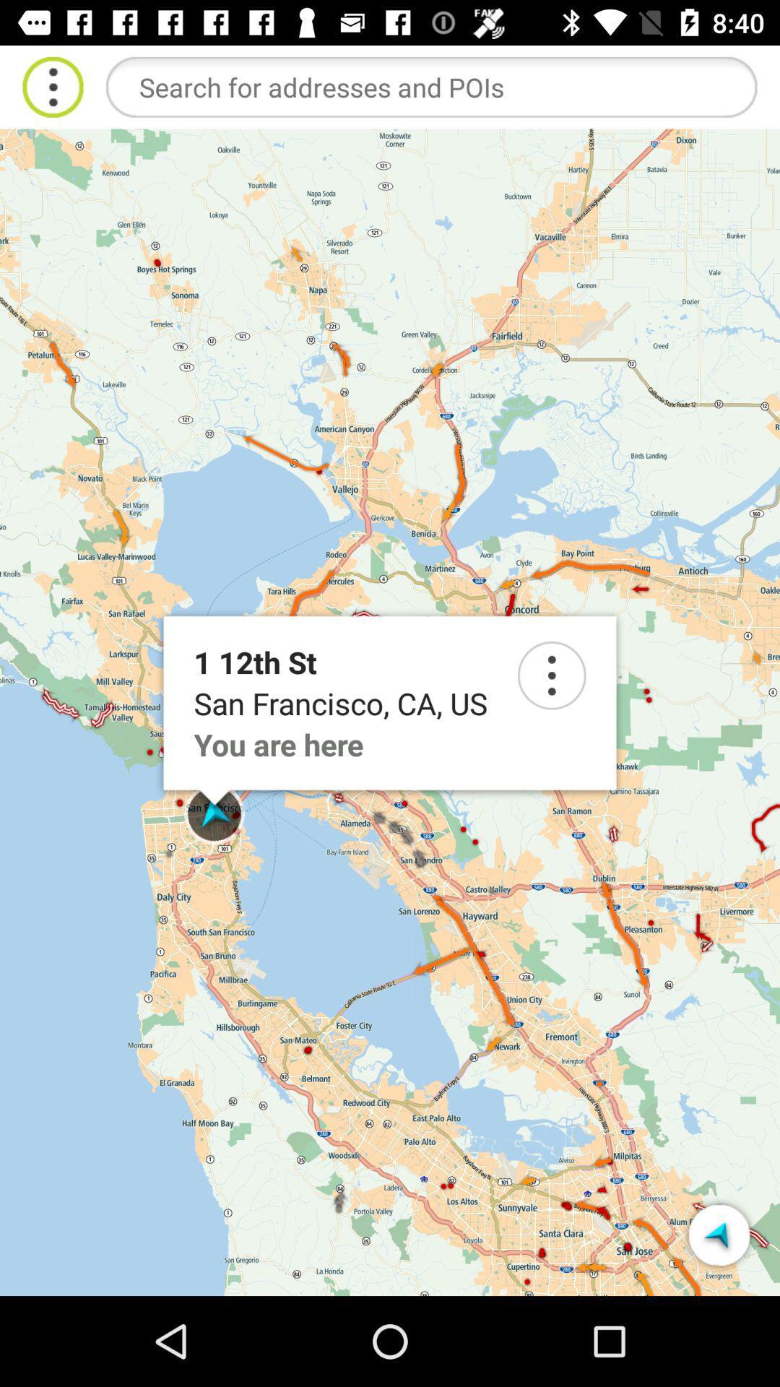  What do you see at coordinates (552, 675) in the screenshot?
I see `location option` at bounding box center [552, 675].